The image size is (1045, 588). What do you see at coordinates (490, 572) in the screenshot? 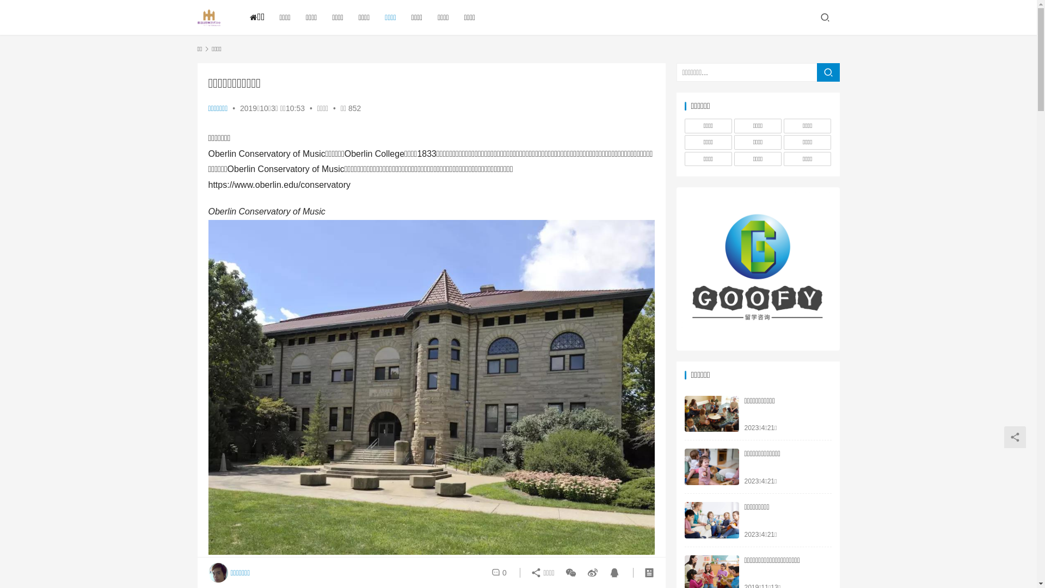
I see `'0'` at bounding box center [490, 572].